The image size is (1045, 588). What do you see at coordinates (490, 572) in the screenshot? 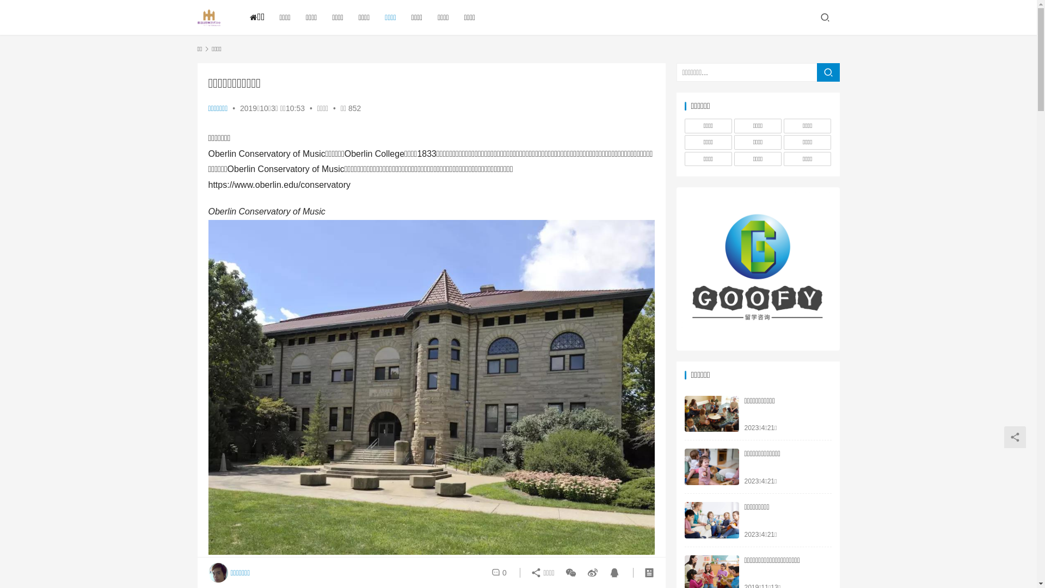
I see `'0'` at bounding box center [490, 572].